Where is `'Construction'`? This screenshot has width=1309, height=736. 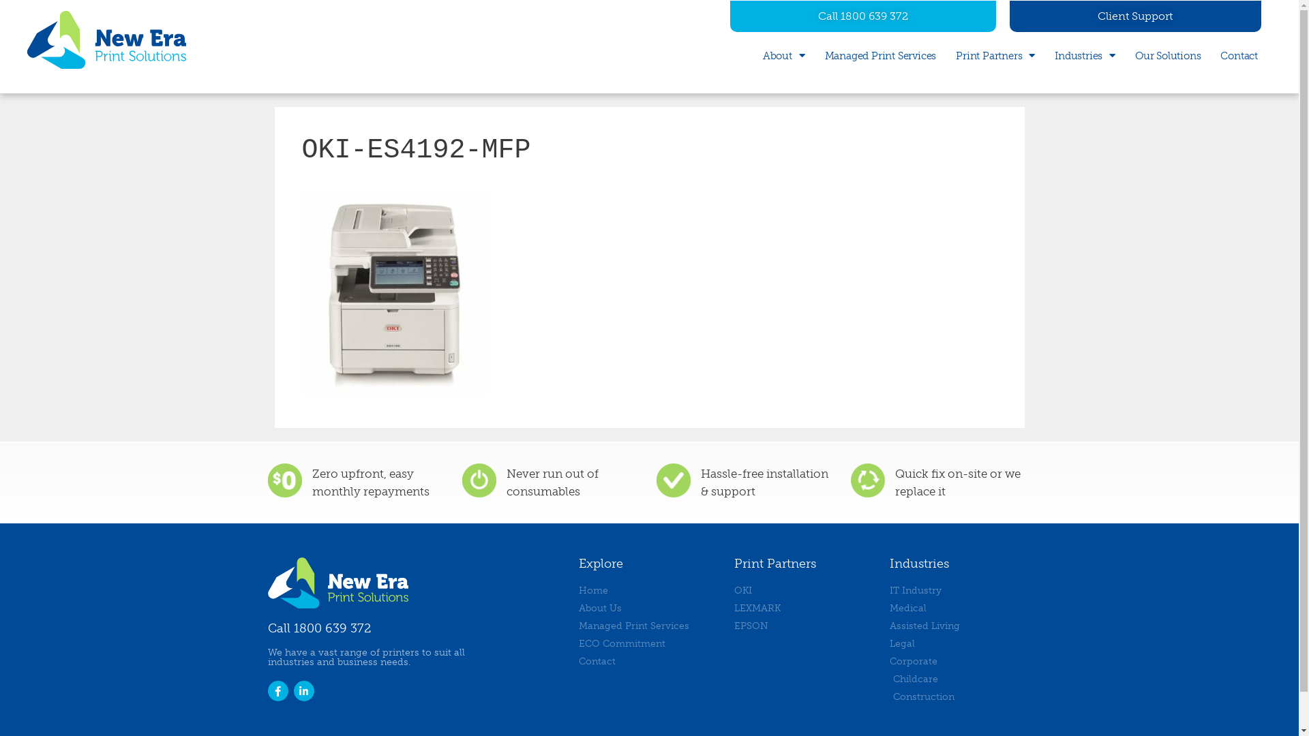 'Construction' is located at coordinates (959, 696).